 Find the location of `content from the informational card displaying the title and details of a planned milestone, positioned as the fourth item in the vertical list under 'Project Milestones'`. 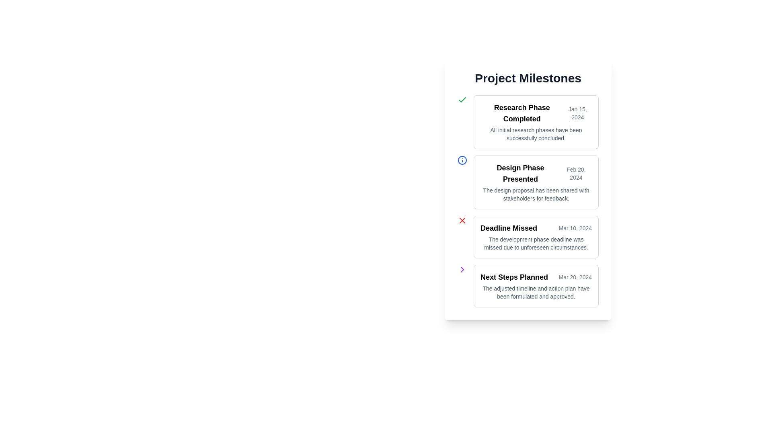

content from the informational card displaying the title and details of a planned milestone, positioned as the fourth item in the vertical list under 'Project Milestones' is located at coordinates (536, 286).